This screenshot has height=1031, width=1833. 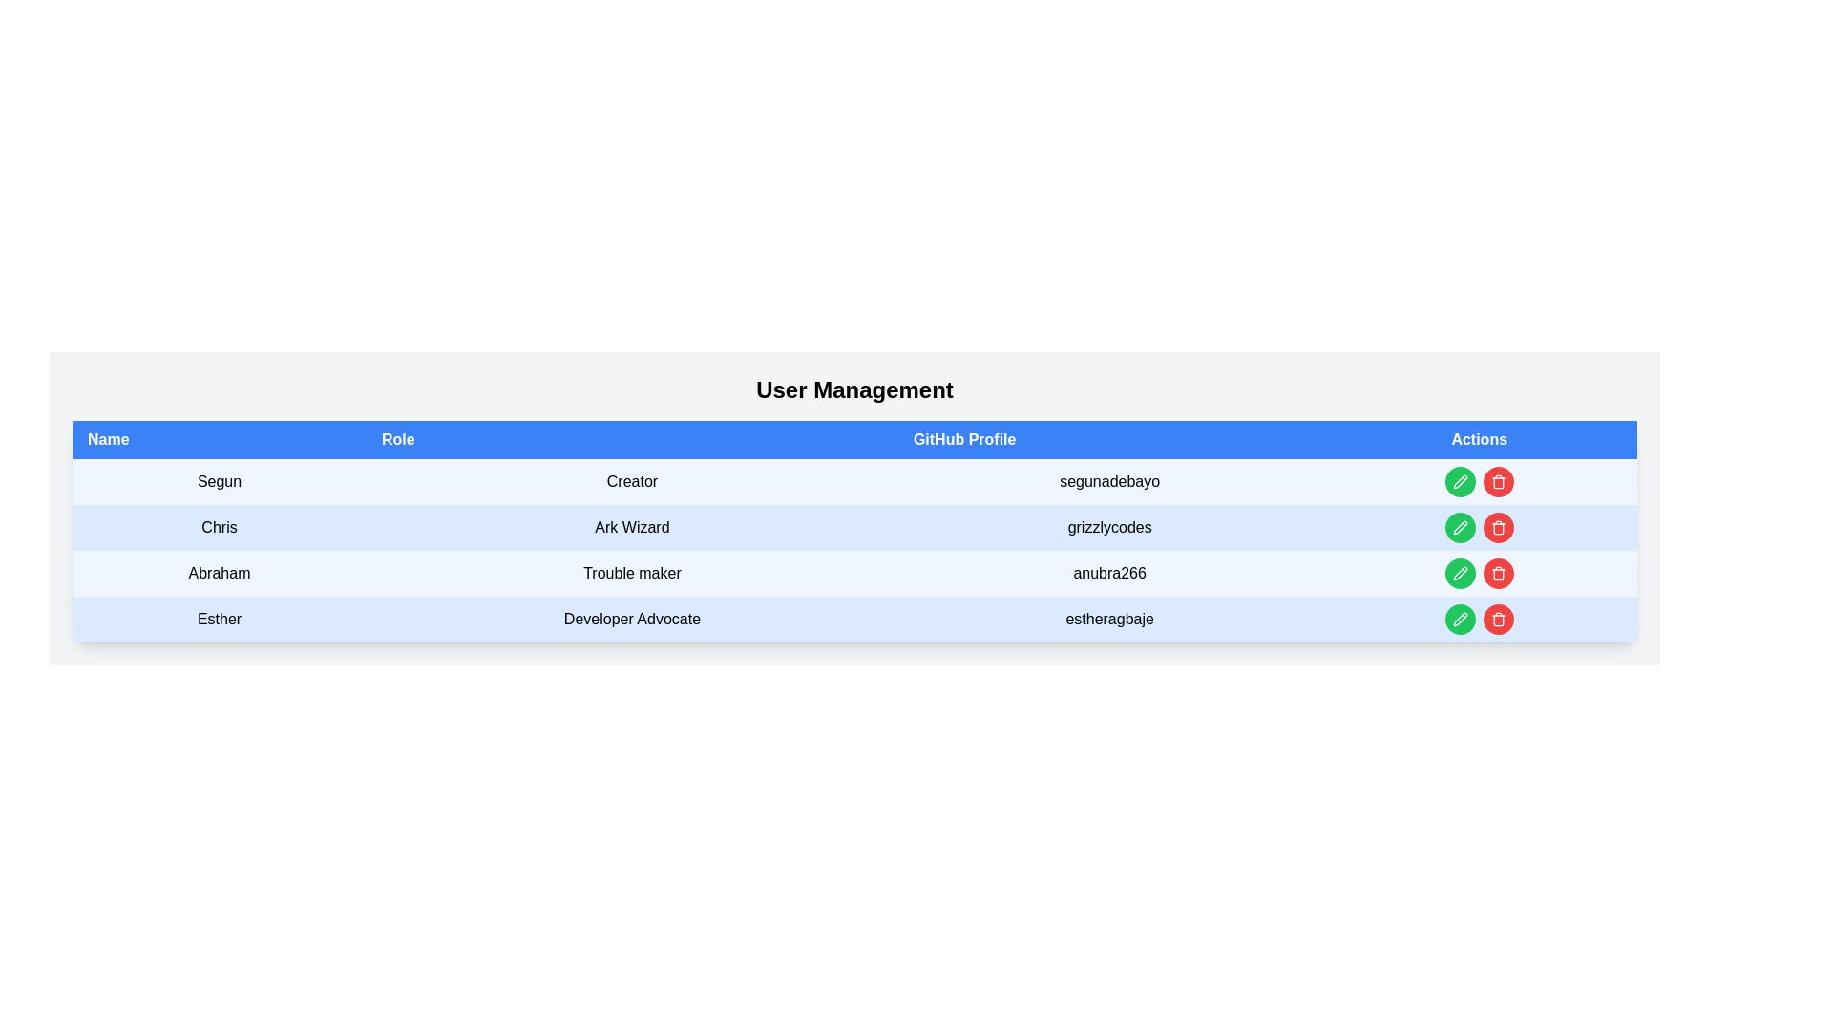 I want to click on the small, round, green button with a white pencil icon in the 'Actions' column corresponding to 'Esther', so click(x=1459, y=619).